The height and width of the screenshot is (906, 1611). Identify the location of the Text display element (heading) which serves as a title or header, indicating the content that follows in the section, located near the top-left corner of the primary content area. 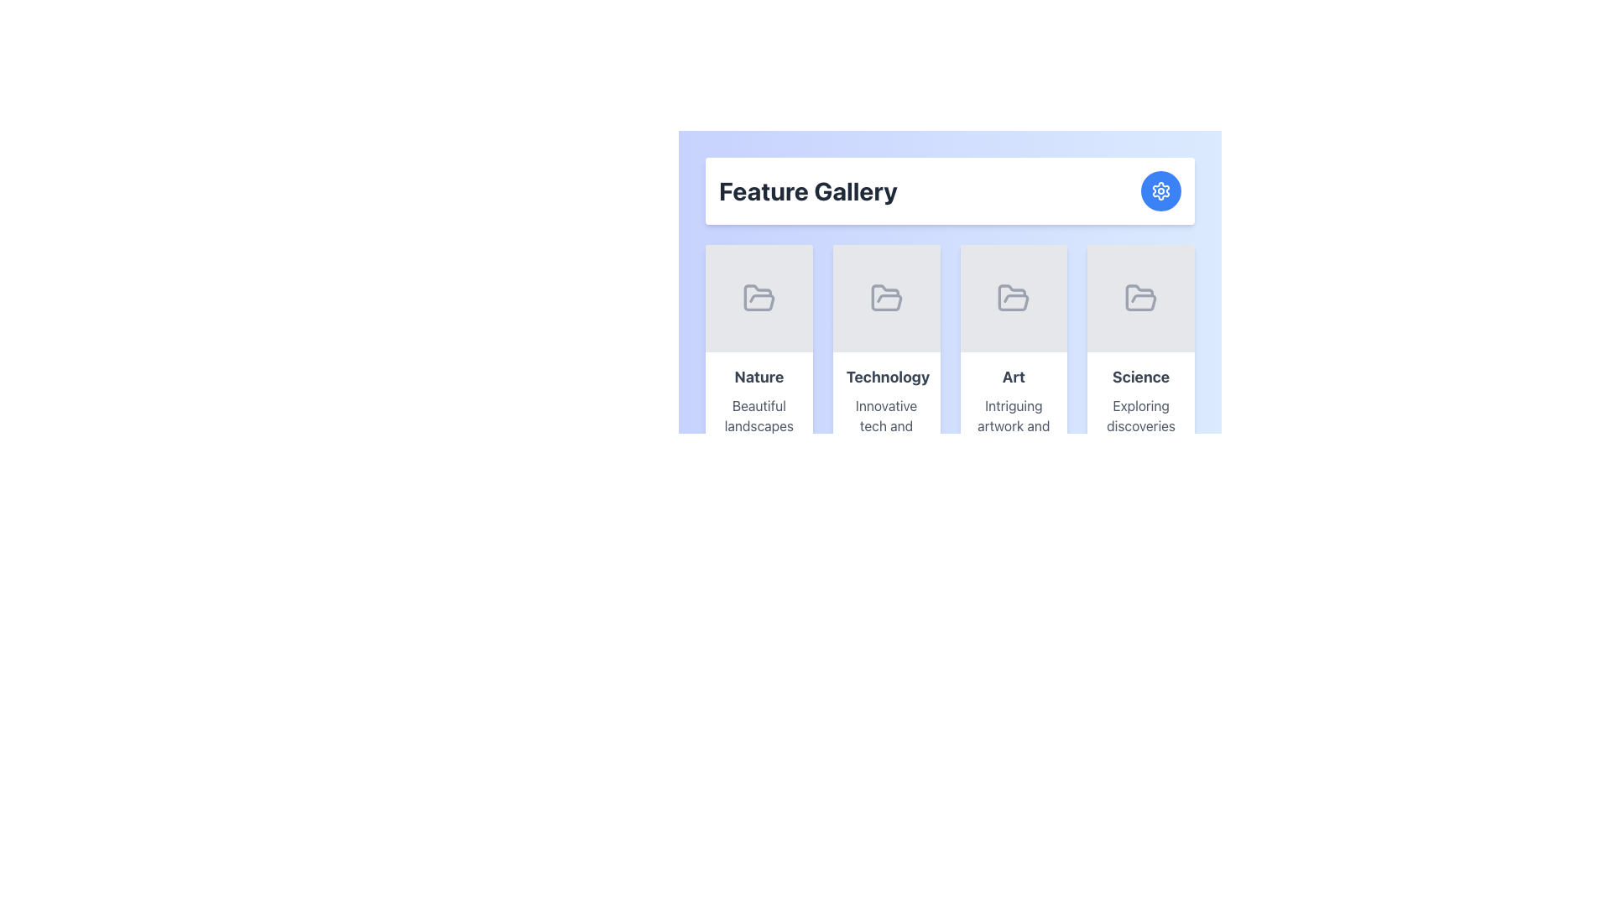
(808, 190).